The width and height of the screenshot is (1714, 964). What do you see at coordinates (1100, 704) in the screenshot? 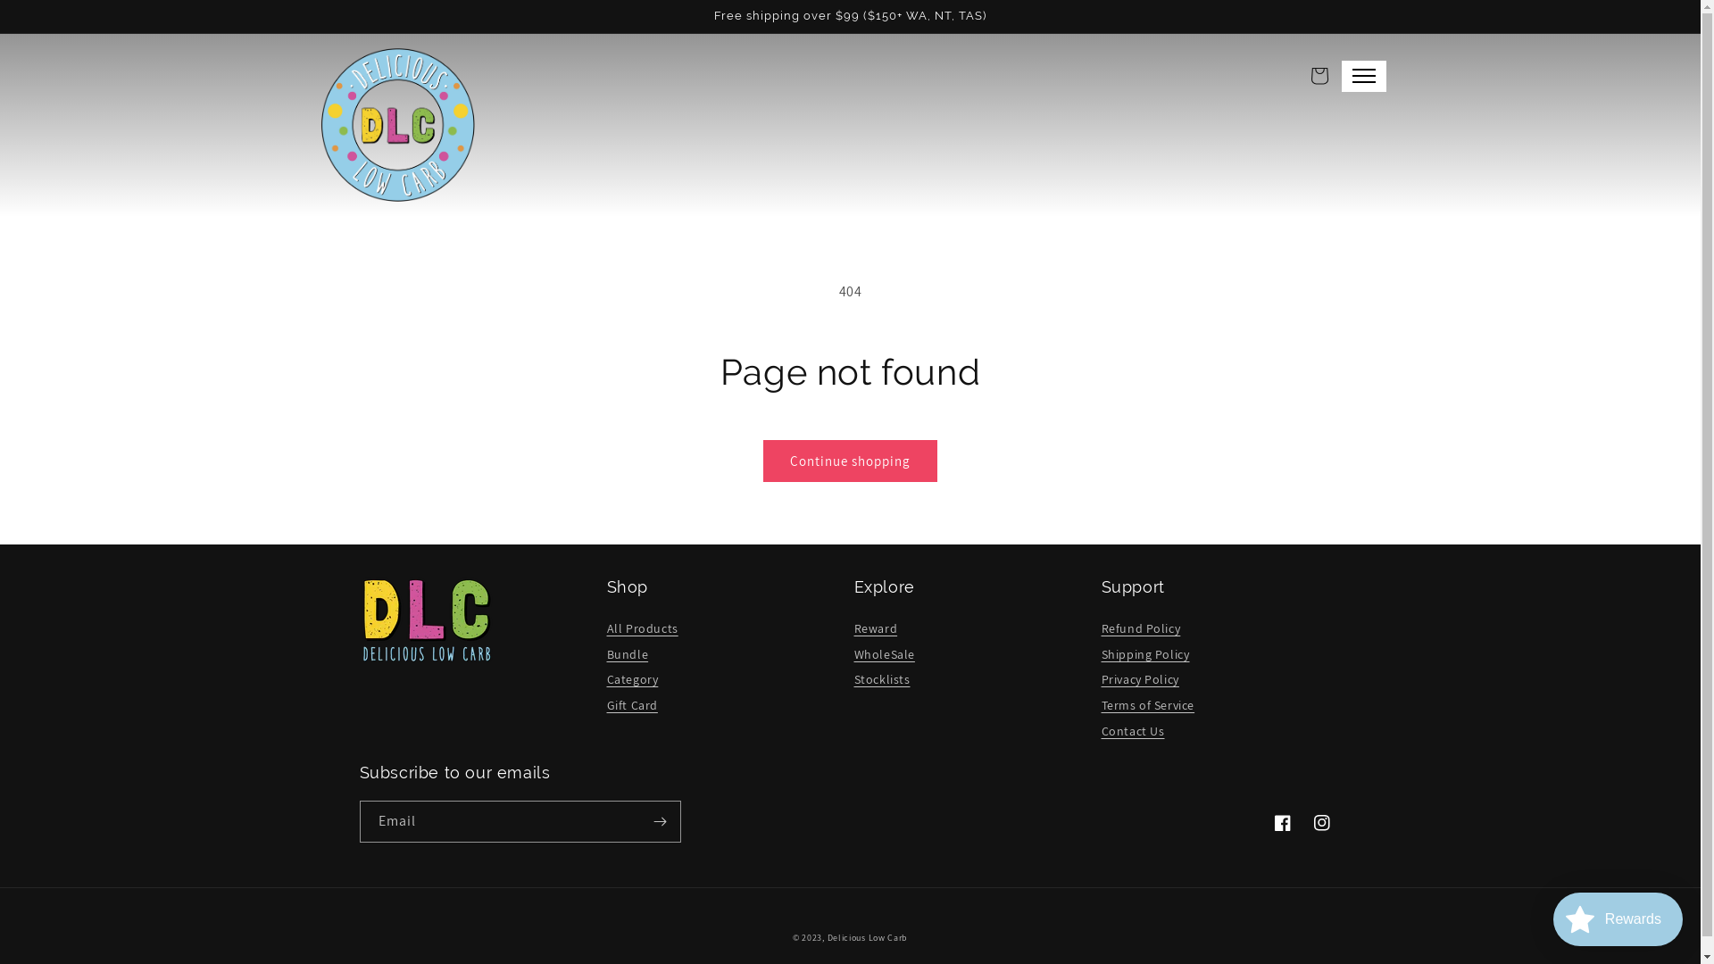
I see `'Terms of Service'` at bounding box center [1100, 704].